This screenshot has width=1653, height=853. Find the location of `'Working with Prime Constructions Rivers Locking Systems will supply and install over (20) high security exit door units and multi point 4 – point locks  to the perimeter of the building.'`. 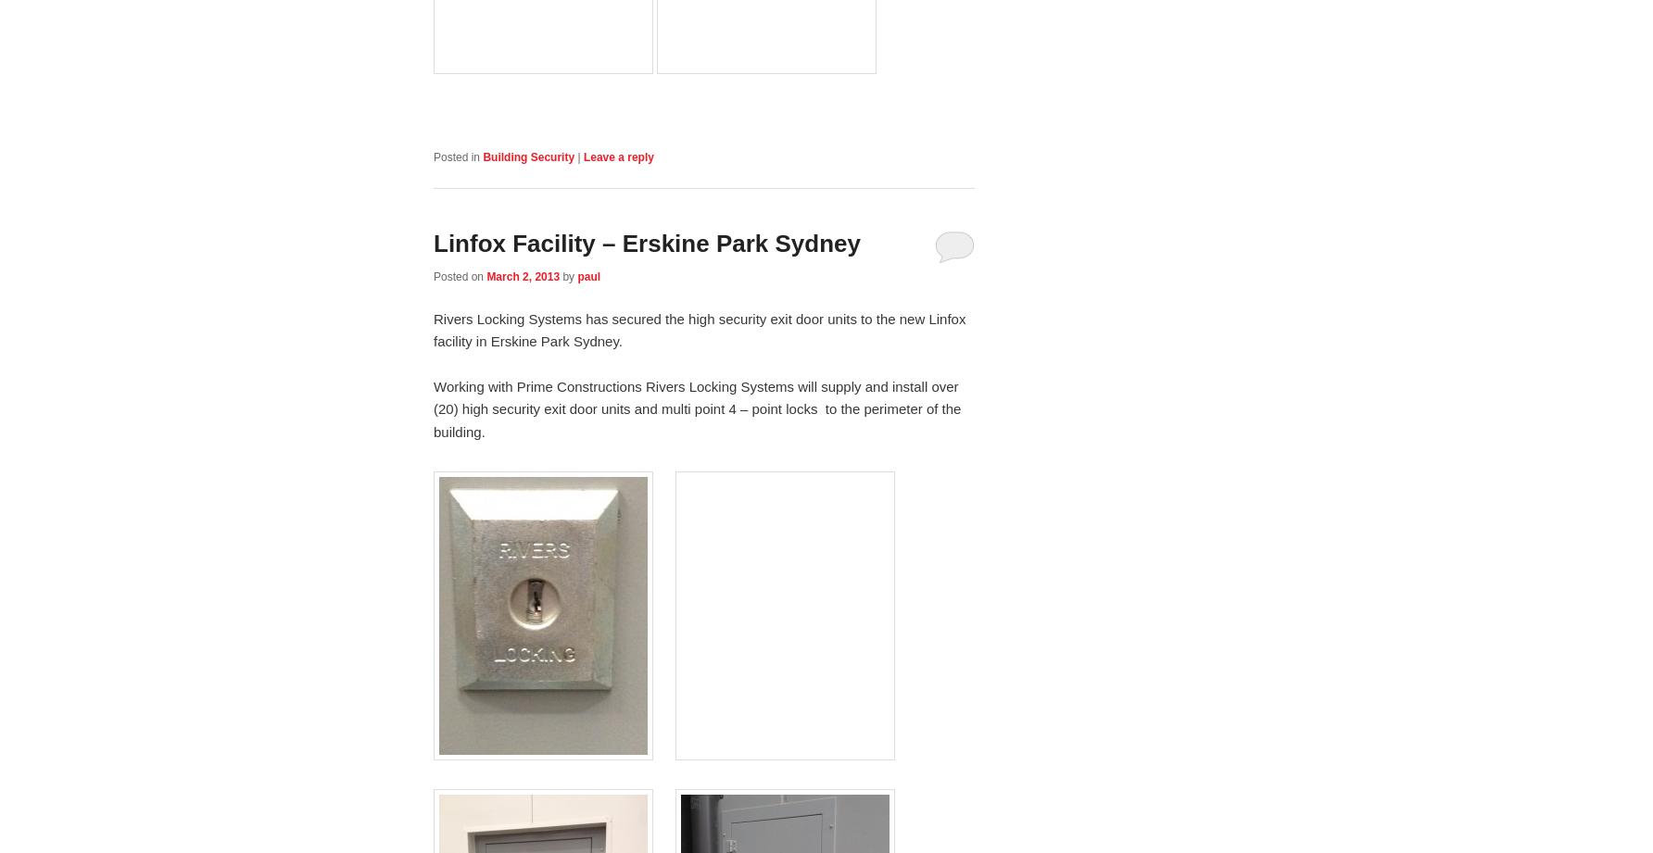

'Working with Prime Constructions Rivers Locking Systems will supply and install over (20) high security exit door units and multi point 4 – point locks  to the perimeter of the building.' is located at coordinates (697, 408).